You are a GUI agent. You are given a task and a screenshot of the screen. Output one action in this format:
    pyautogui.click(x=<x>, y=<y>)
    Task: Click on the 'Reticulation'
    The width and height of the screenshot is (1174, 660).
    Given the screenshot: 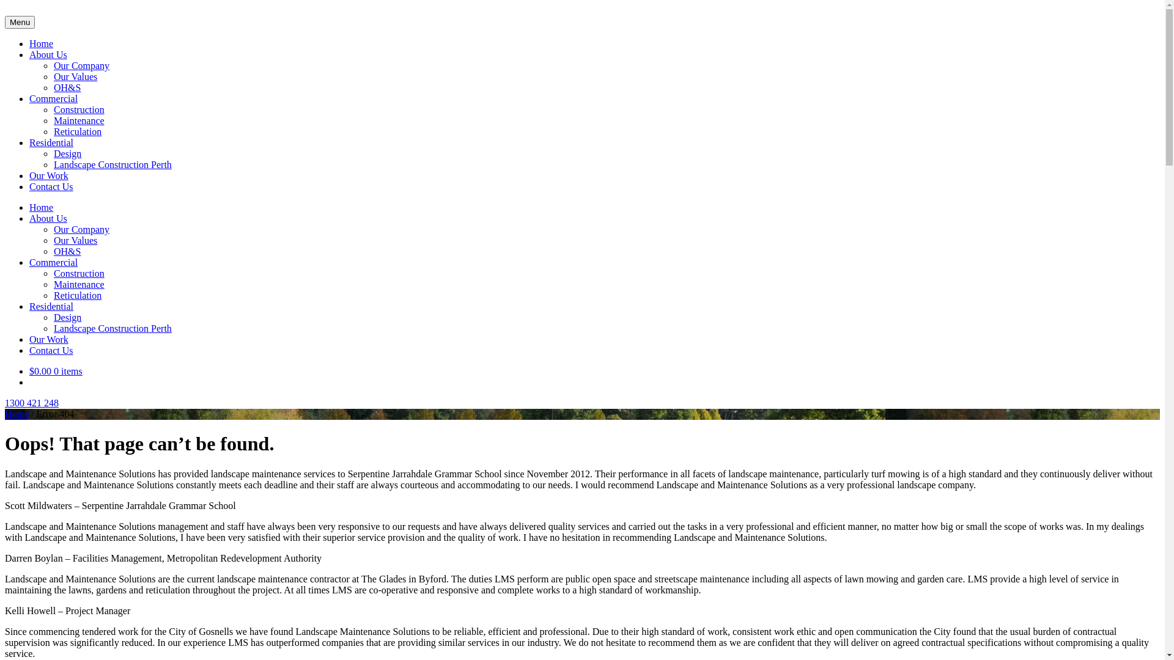 What is the action you would take?
    pyautogui.click(x=76, y=131)
    